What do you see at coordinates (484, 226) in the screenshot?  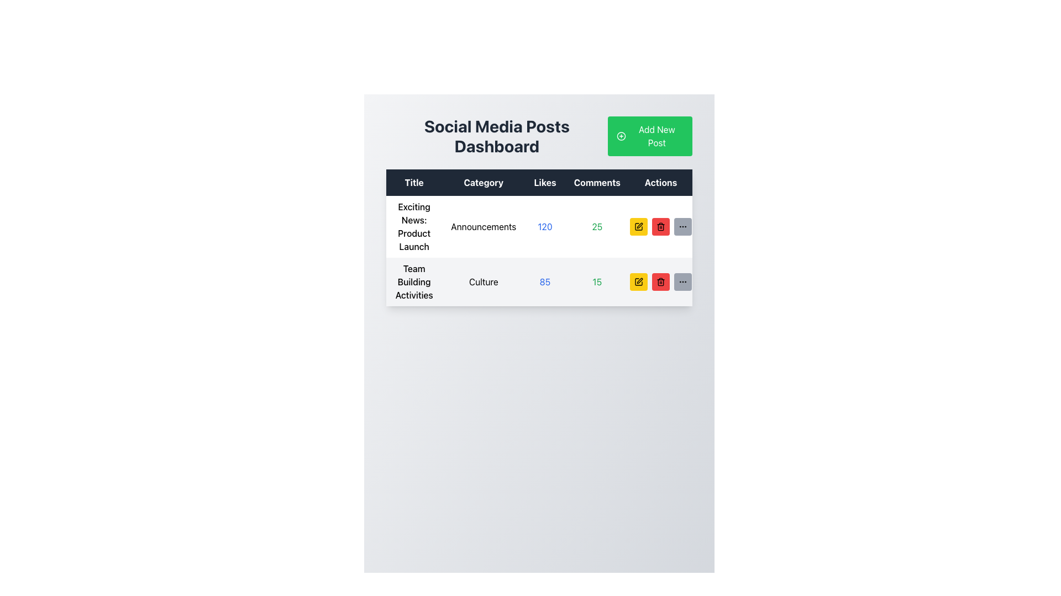 I see `the static text label displaying 'Announcements' in the second column of the table grid, which is positioned under the 'Category' header` at bounding box center [484, 226].